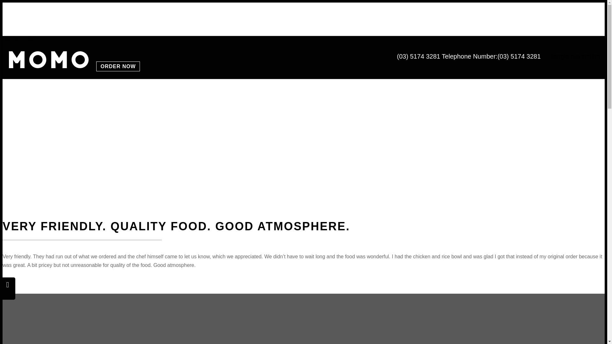  Describe the element at coordinates (469, 56) in the screenshot. I see `'(03) 5174 3281 Telephone Number:(03) 5174 3281'` at that location.